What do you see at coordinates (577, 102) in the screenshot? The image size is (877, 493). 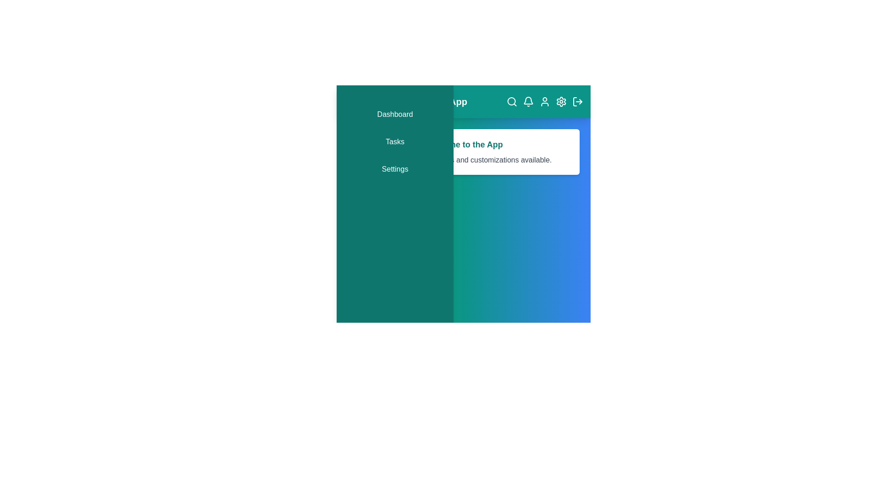 I see `the 'Logout' icon to log out of the application` at bounding box center [577, 102].